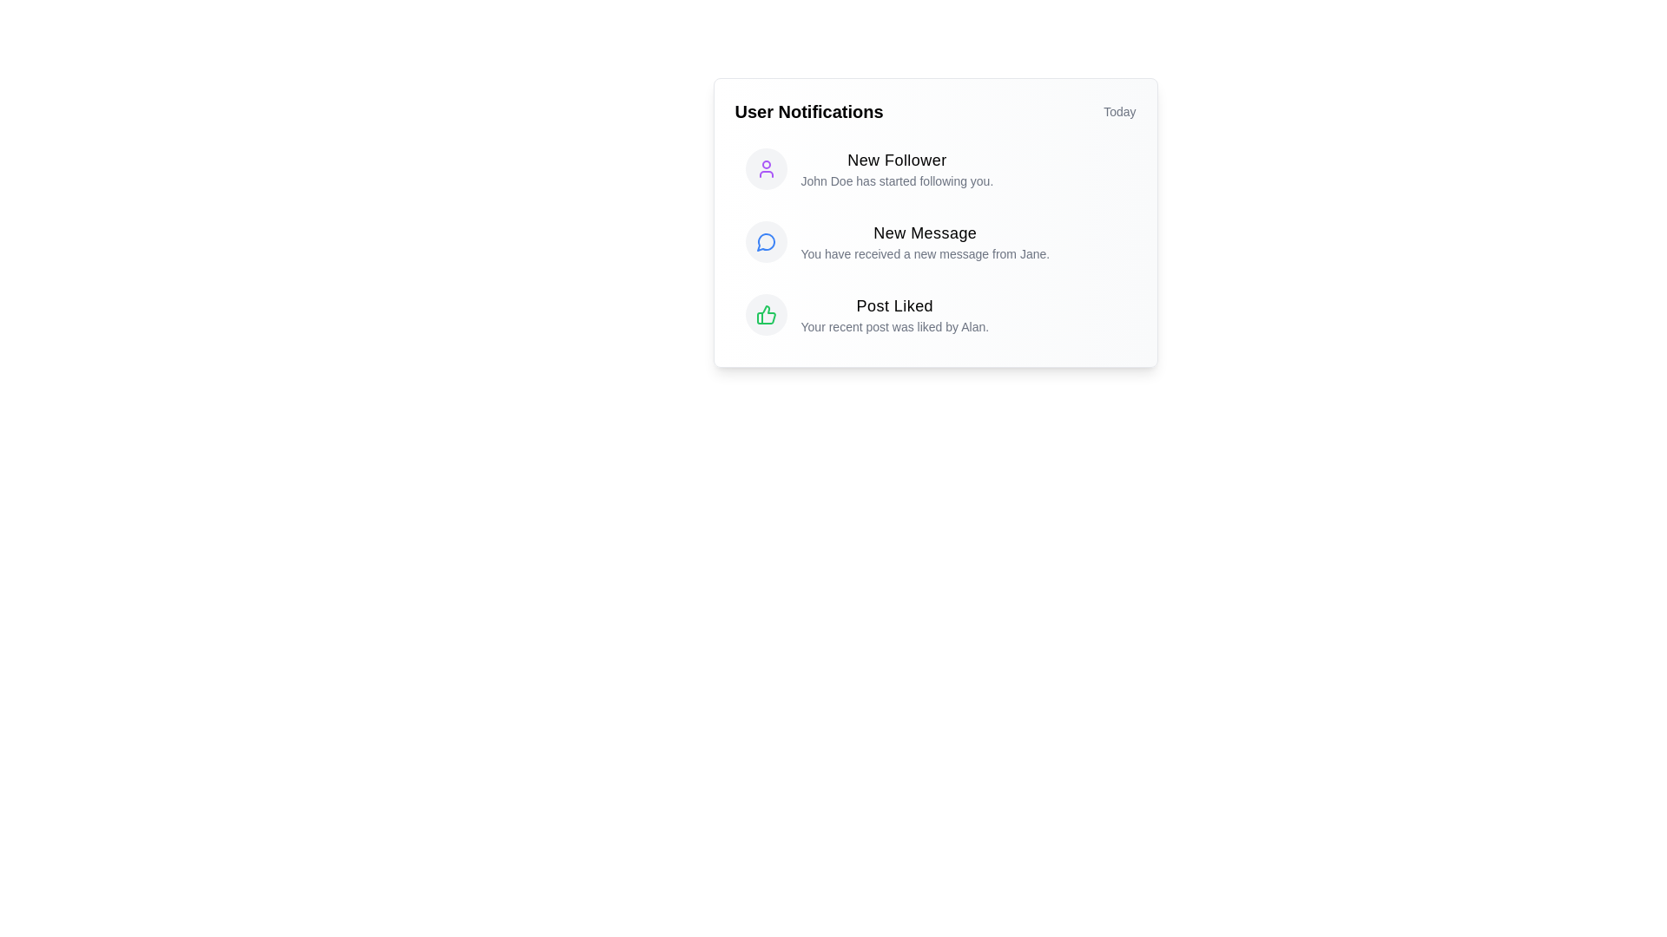  Describe the element at coordinates (924, 254) in the screenshot. I see `message displayed as 'You have received a new message from Jane.' located below the 'New Message' header in the notification panel` at that location.